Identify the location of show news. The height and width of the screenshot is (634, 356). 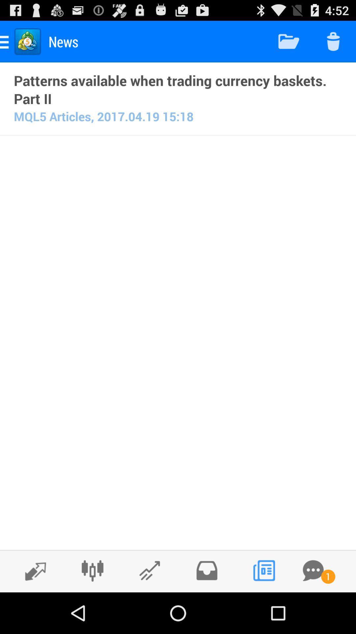
(263, 570).